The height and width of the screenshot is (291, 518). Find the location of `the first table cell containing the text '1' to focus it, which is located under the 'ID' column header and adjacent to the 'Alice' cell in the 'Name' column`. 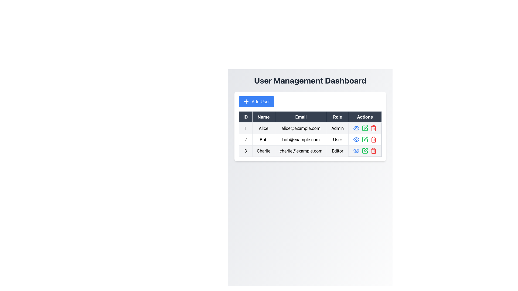

the first table cell containing the text '1' to focus it, which is located under the 'ID' column header and adjacent to the 'Alice' cell in the 'Name' column is located at coordinates (245, 128).